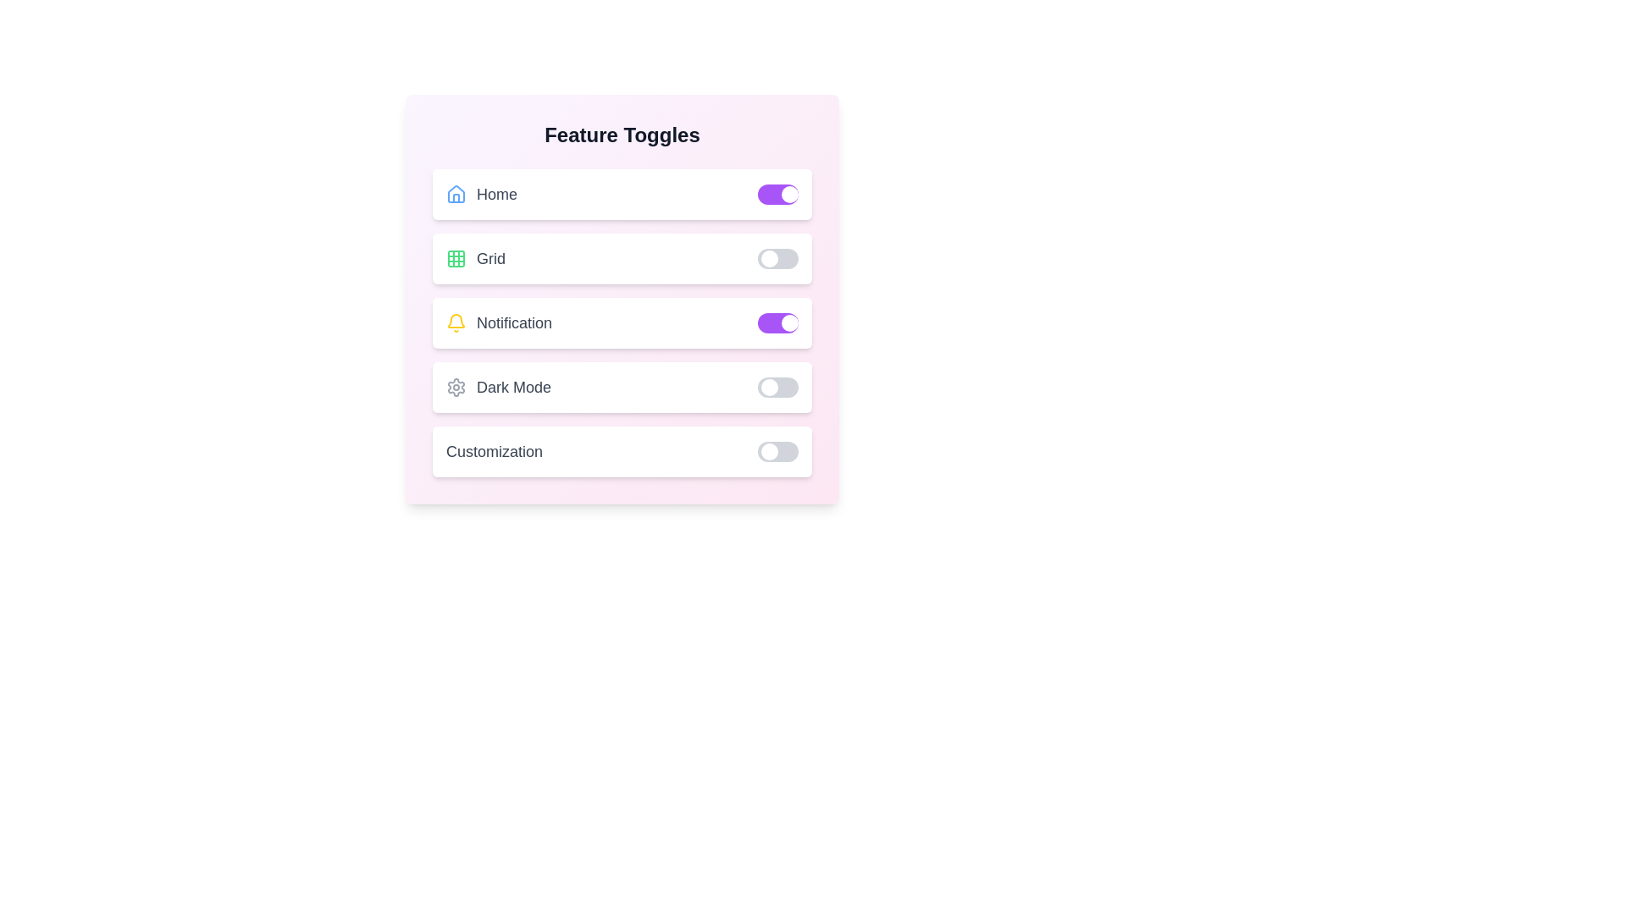  I want to click on the yellow bell icon representing notifications, located to the far left of the 'Notification' row in the feature toggles section, so click(456, 322).